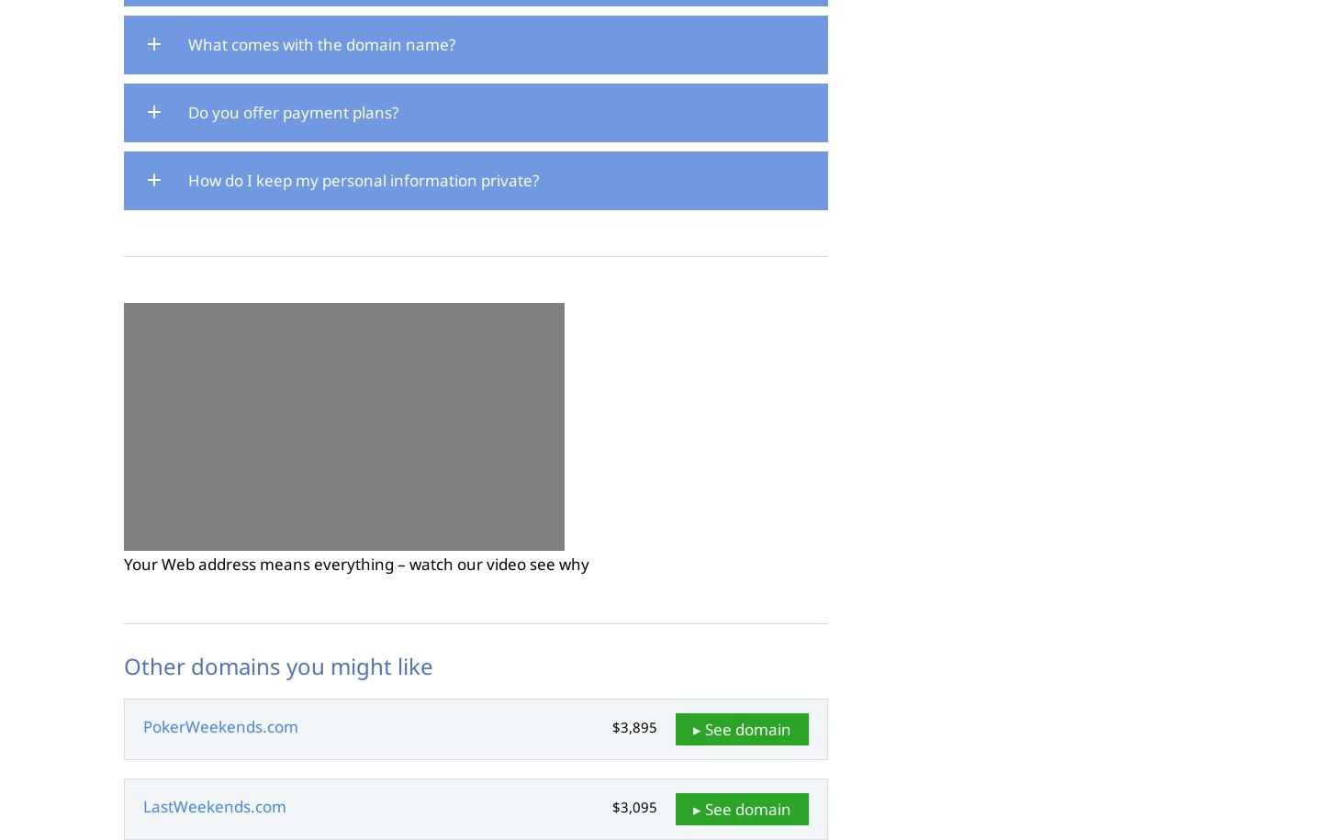 The width and height of the screenshot is (1322, 840). What do you see at coordinates (278, 666) in the screenshot?
I see `'Other domains you might like'` at bounding box center [278, 666].